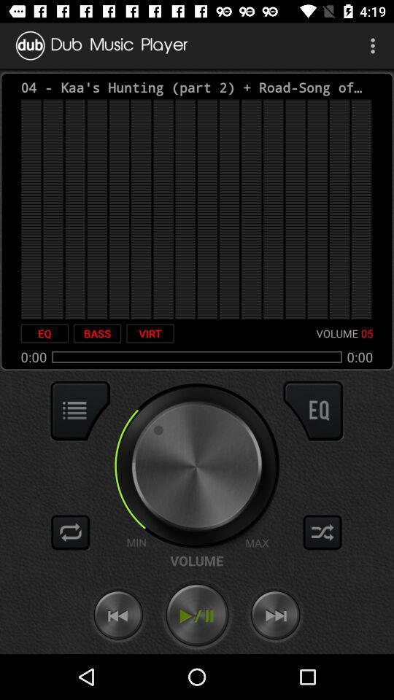 This screenshot has height=700, width=394. What do you see at coordinates (150, 333) in the screenshot?
I see `the icon to the left of the volume item` at bounding box center [150, 333].